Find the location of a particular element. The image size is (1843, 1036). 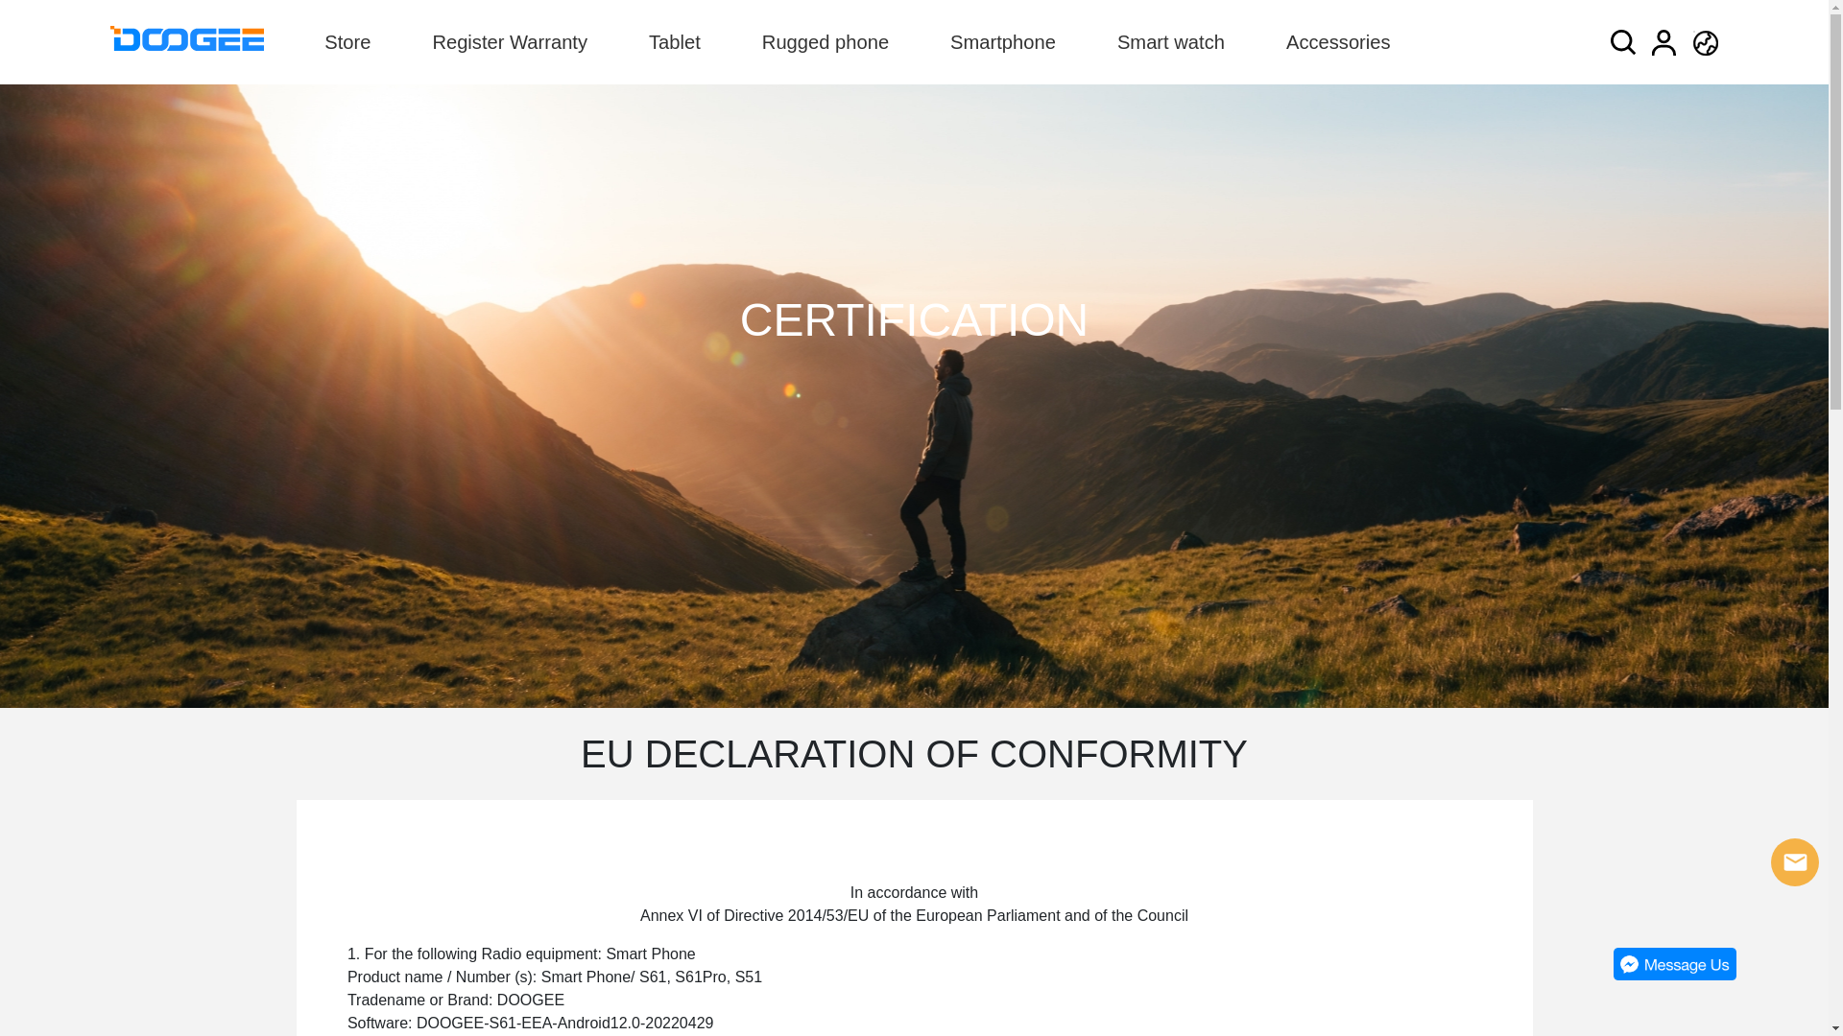

'Smart watch' is located at coordinates (1169, 41).